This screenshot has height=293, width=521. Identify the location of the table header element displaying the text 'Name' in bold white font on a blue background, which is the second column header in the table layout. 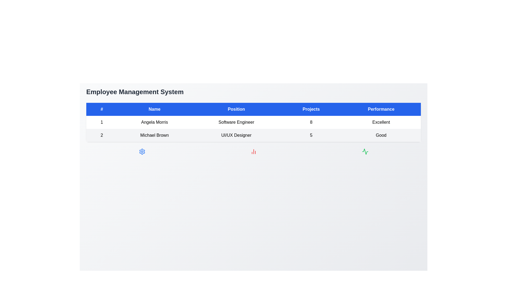
(154, 109).